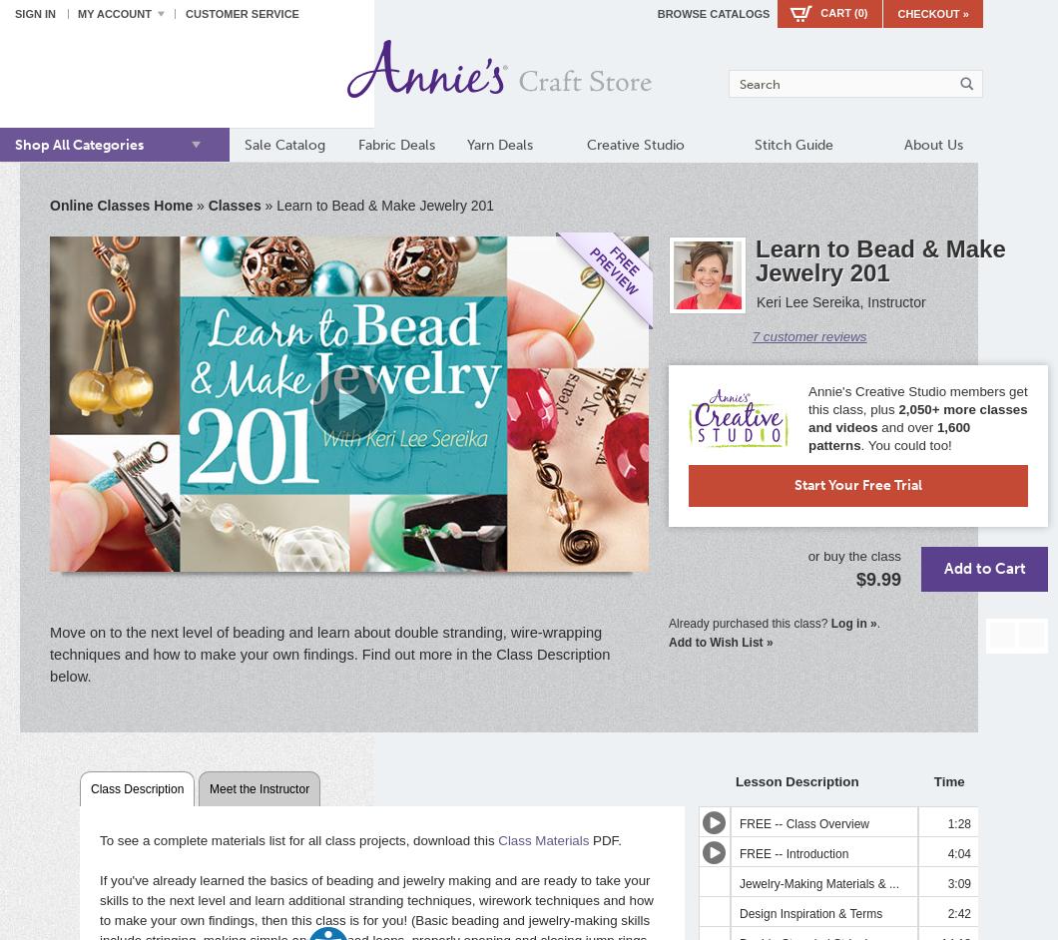 This screenshot has height=940, width=1058. What do you see at coordinates (259, 787) in the screenshot?
I see `'Meet the Instructor'` at bounding box center [259, 787].